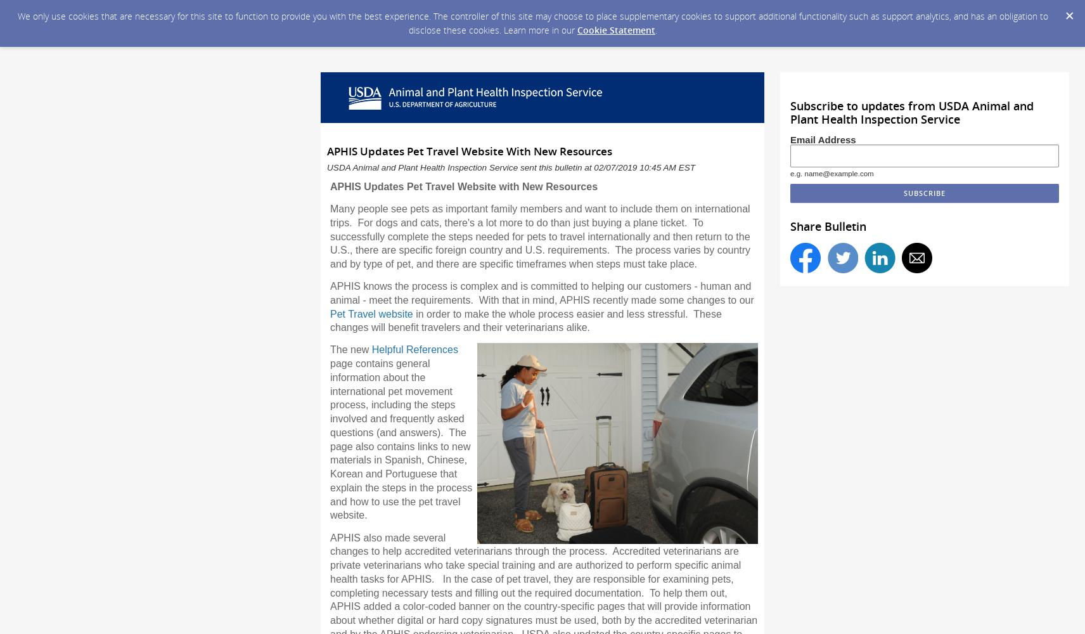 The image size is (1085, 634). I want to click on 'USDA Animal and Plant Health Inspection Service sent this bulletin at 02/07/2019 10:45 AM EST', so click(511, 167).